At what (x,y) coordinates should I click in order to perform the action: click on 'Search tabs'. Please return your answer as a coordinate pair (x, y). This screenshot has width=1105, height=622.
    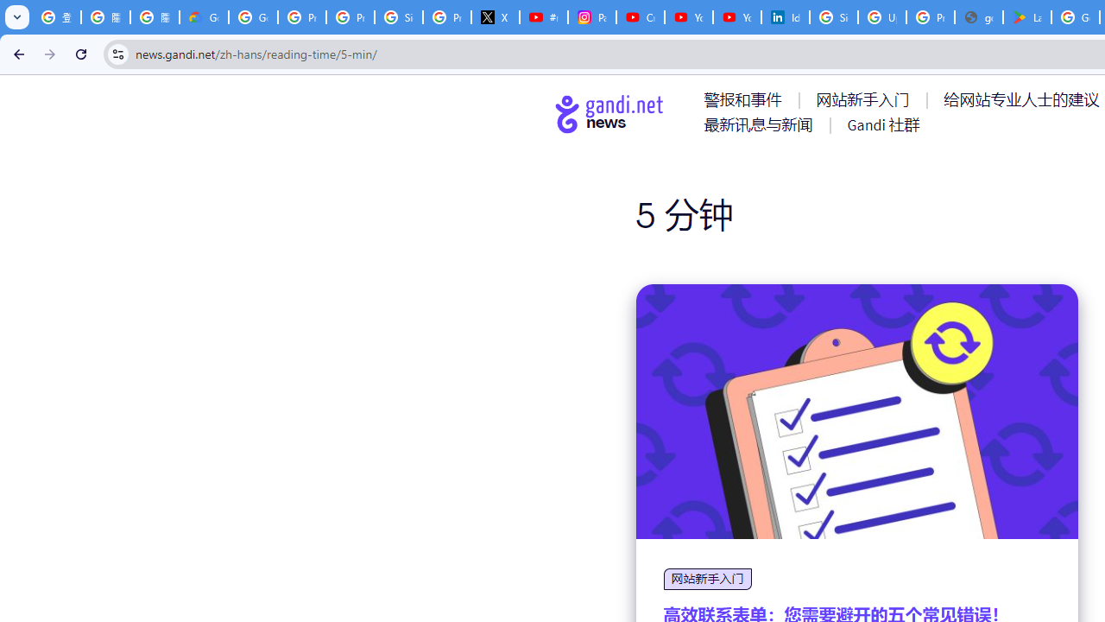
    Looking at the image, I should click on (17, 17).